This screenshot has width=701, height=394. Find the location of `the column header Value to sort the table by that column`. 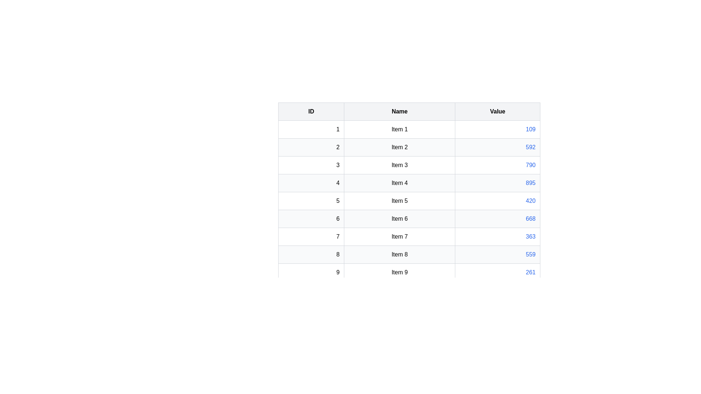

the column header Value to sort the table by that column is located at coordinates (497, 111).